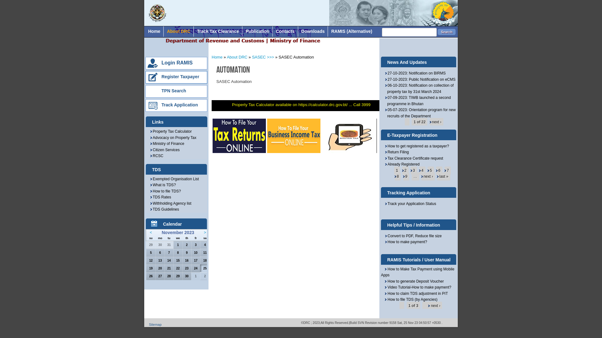  I want to click on 'Convert to PDF, Reduce file size', so click(413, 236).